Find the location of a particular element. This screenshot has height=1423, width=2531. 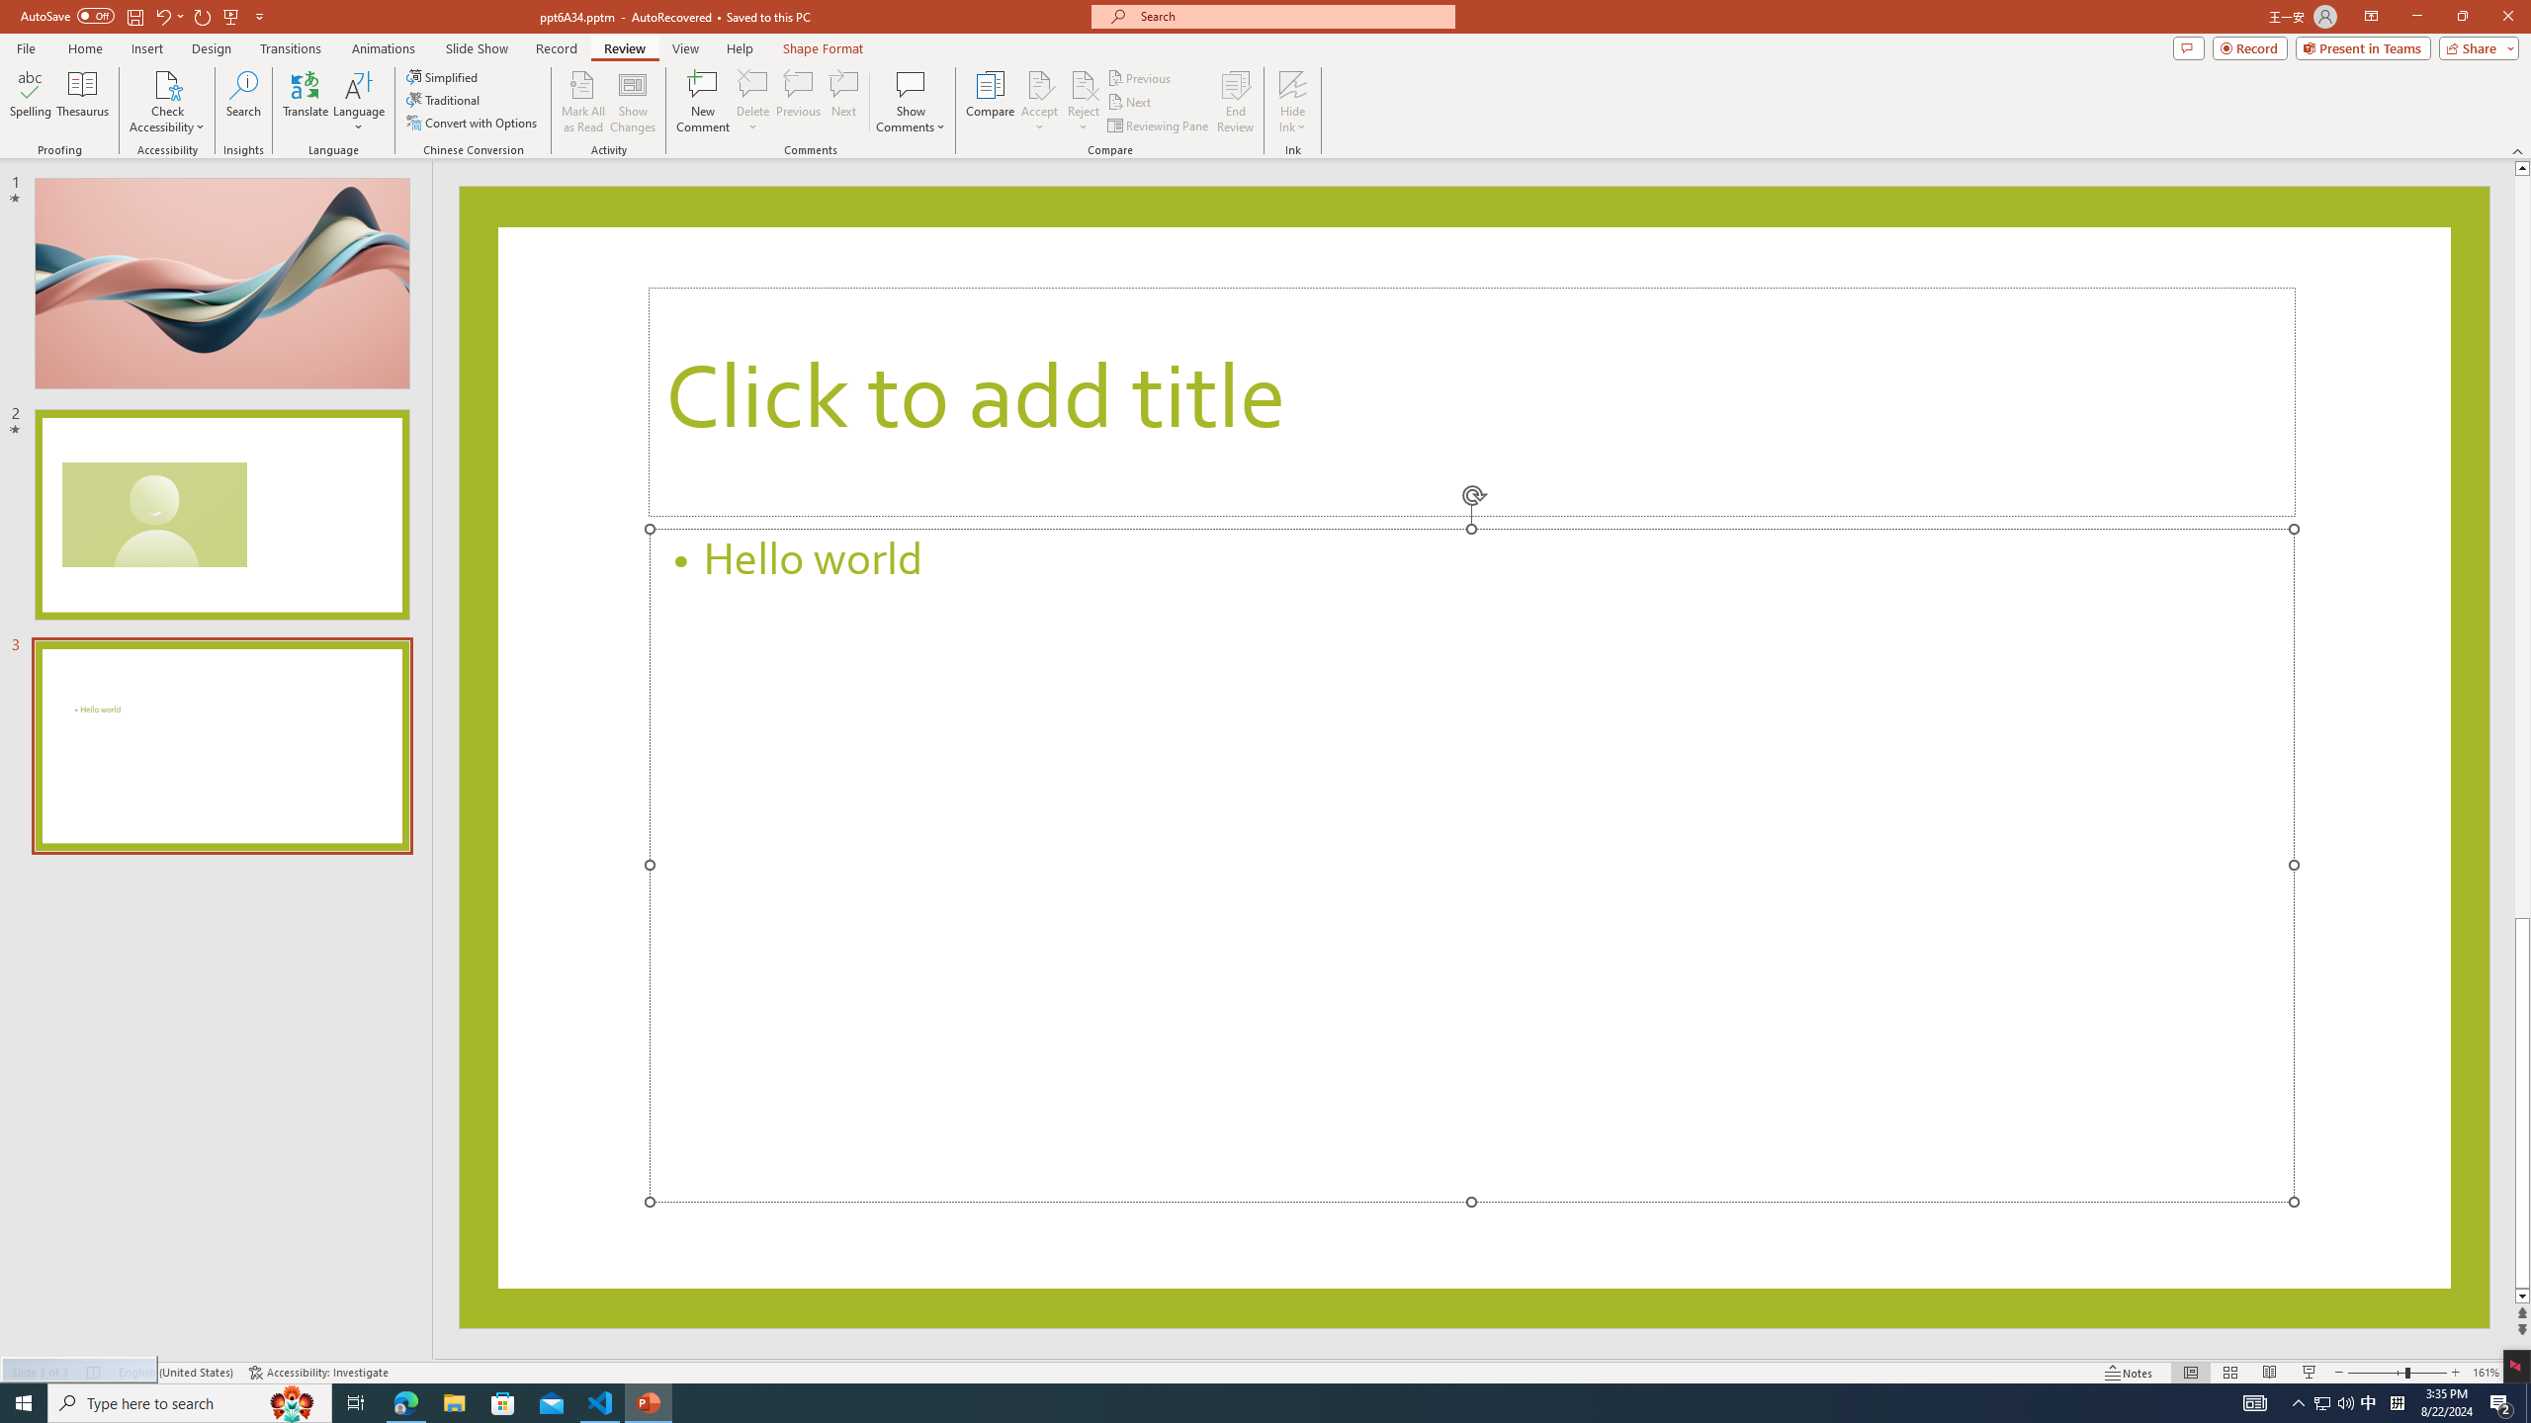

'Notes ' is located at coordinates (2129, 1373).